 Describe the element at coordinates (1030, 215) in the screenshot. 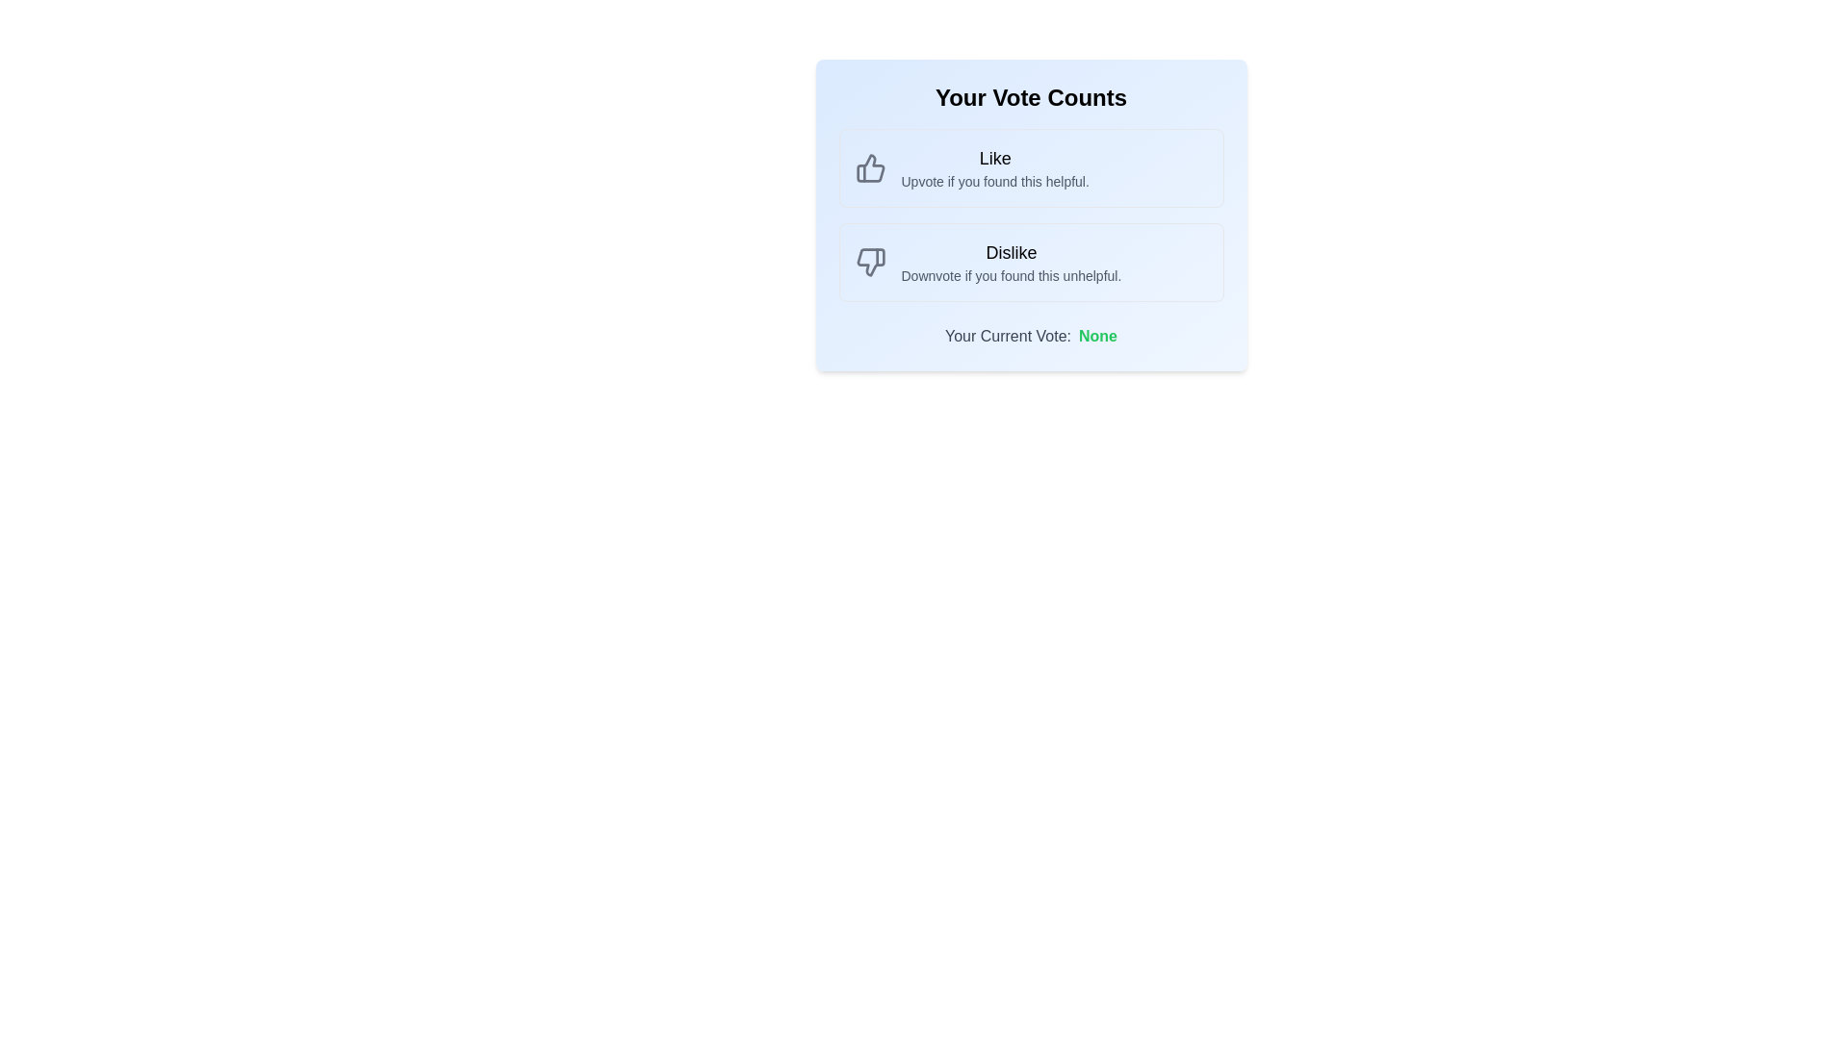

I see `the 'Dislike' section of the Feedback Component to downvote content, which is prominently positioned above the bottom margin of the interface` at that location.